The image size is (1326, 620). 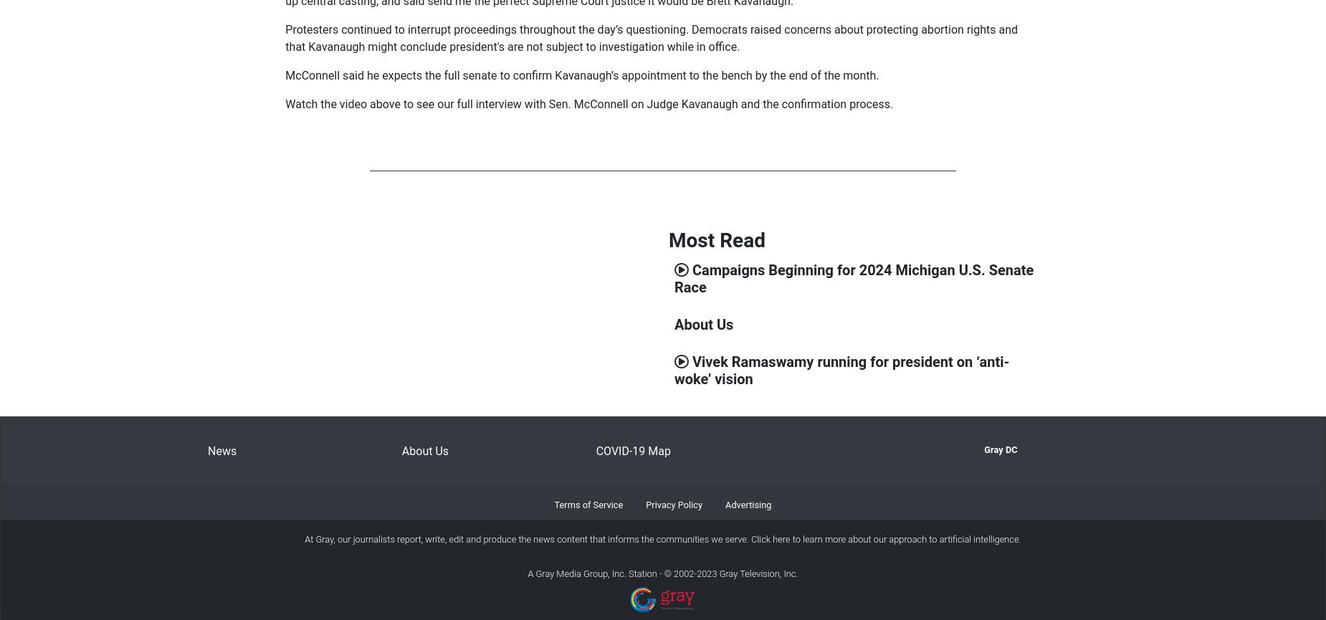 I want to click on 'Vivek Ramaswamy running for president on ‘anti-woke’ vision', so click(x=672, y=370).